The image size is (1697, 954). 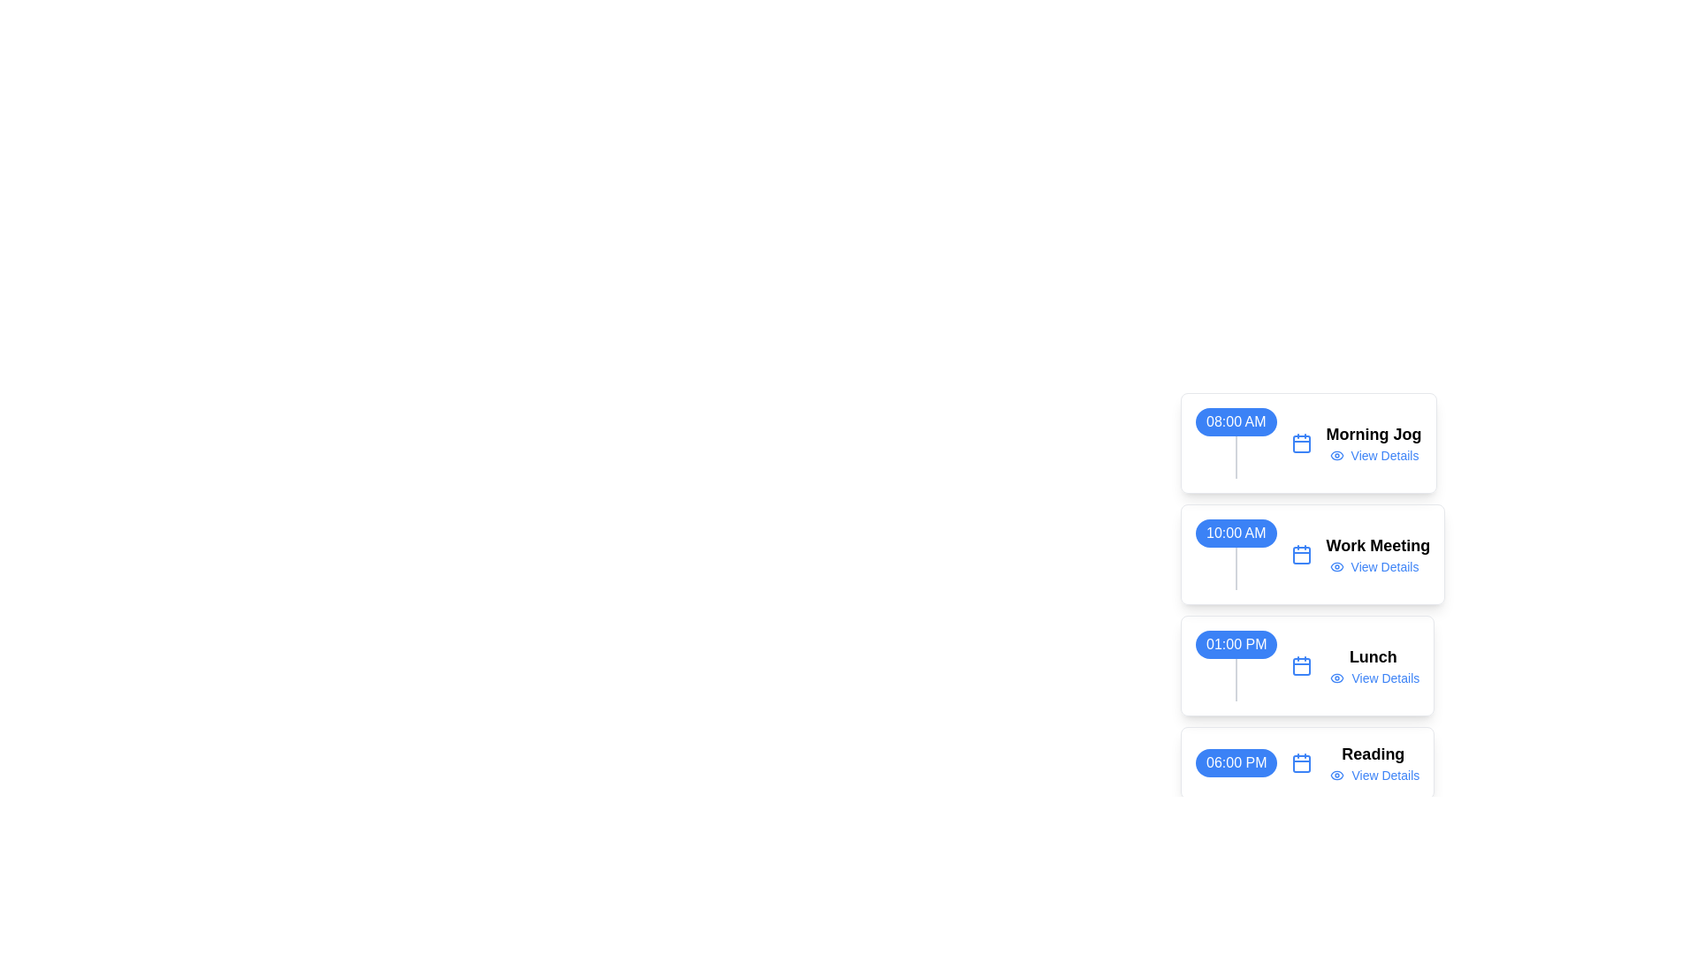 I want to click on the Time Badge label displaying '08:00 AM', so click(x=1235, y=442).